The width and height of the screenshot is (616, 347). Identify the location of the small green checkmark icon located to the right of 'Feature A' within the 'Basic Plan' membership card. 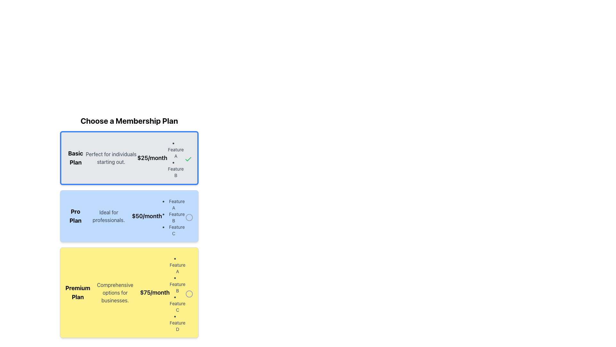
(188, 159).